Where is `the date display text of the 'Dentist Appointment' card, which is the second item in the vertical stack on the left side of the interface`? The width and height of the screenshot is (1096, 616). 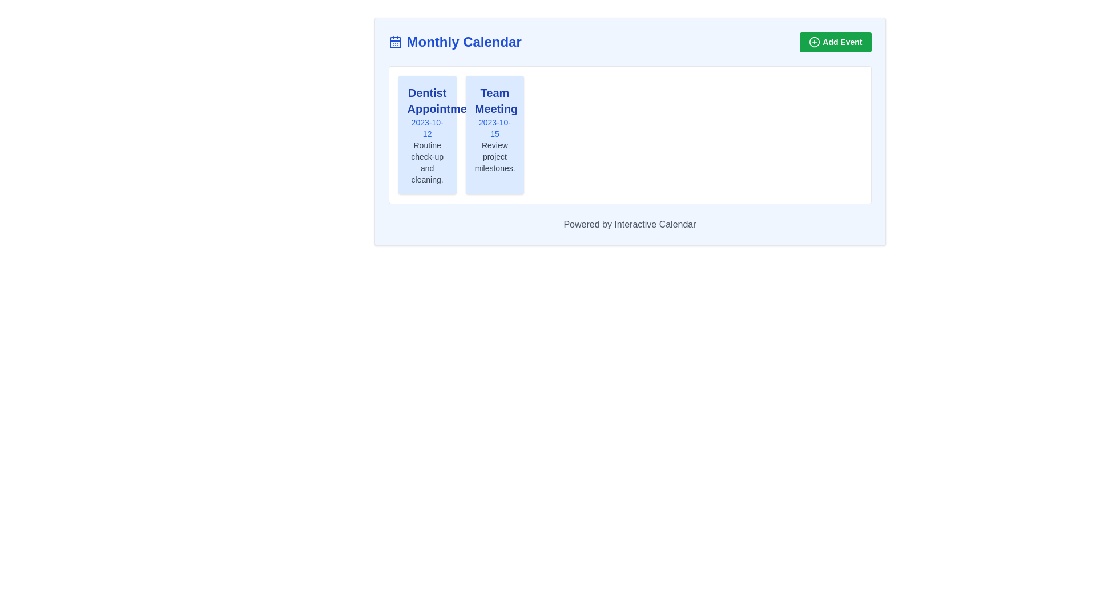 the date display text of the 'Dentist Appointment' card, which is the second item in the vertical stack on the left side of the interface is located at coordinates (426, 128).